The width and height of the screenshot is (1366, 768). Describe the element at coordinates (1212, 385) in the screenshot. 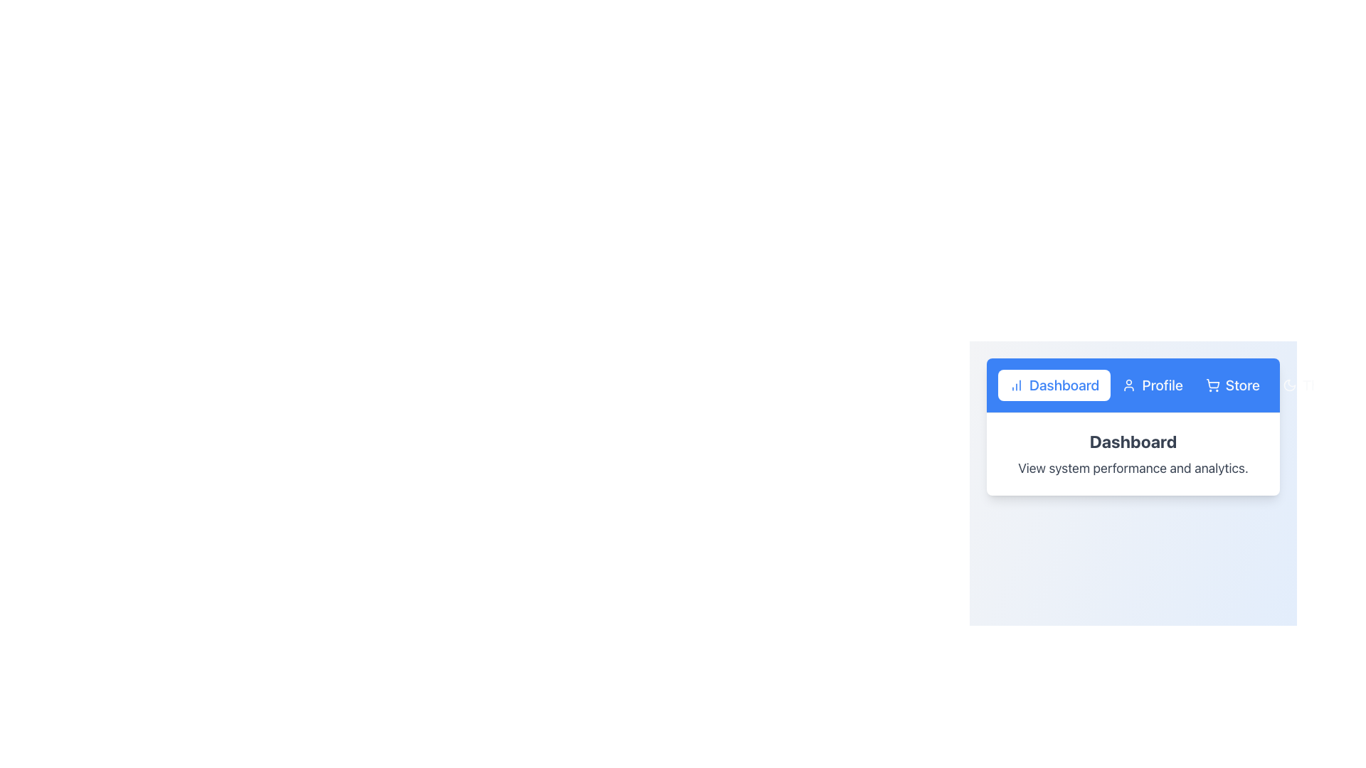

I see `the shopping cart icon within the blue button at the right-most end of the top menu bar` at that location.